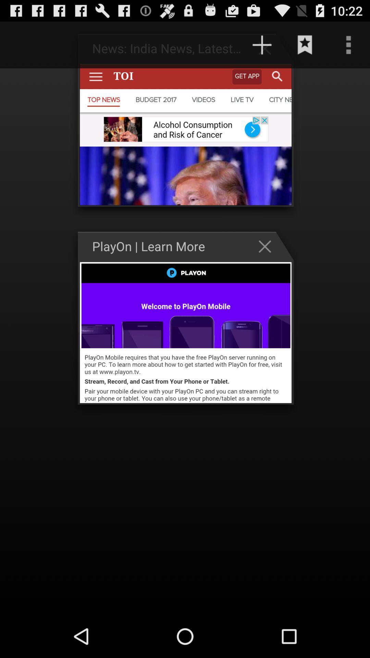  Describe the element at coordinates (205, 45) in the screenshot. I see `http www playon item` at that location.